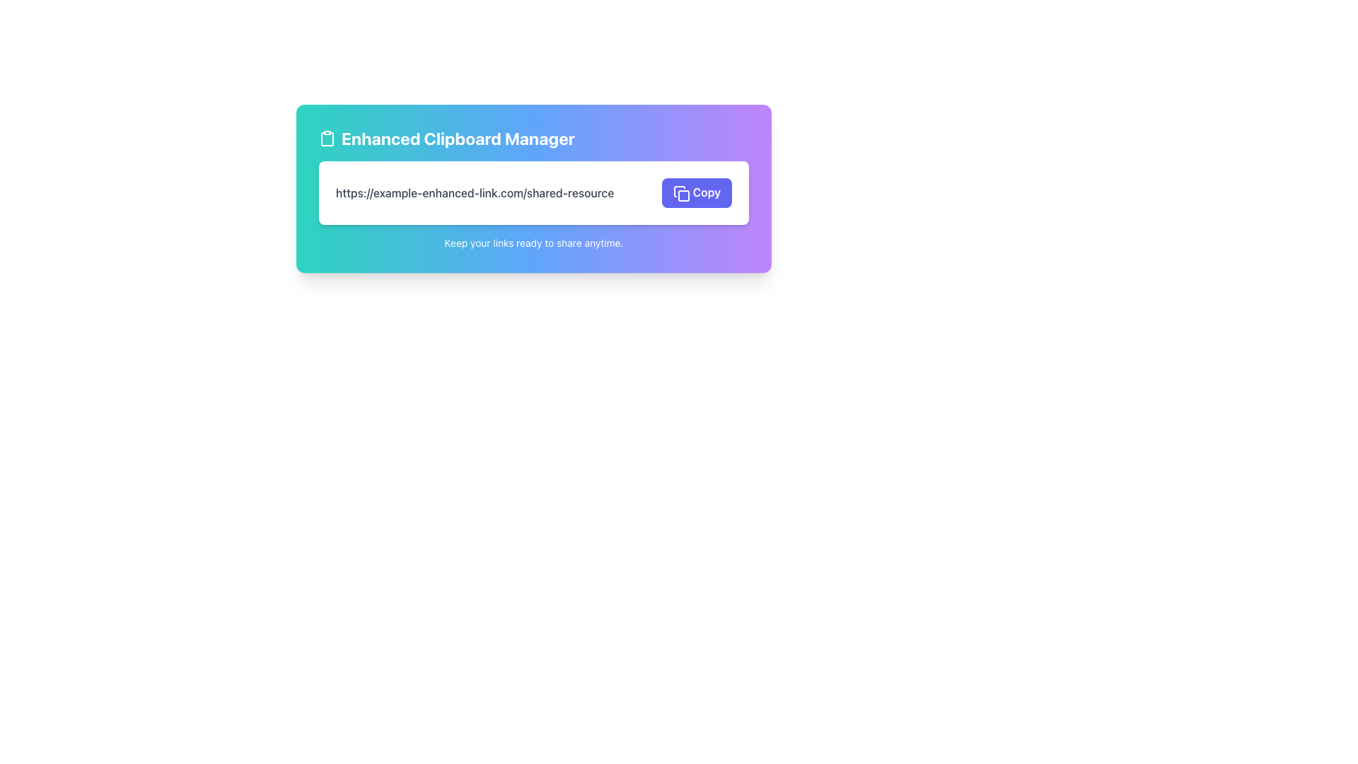 The width and height of the screenshot is (1358, 764). I want to click on the icon component within the 'Copy' button on the right side of the text box, so click(683, 195).